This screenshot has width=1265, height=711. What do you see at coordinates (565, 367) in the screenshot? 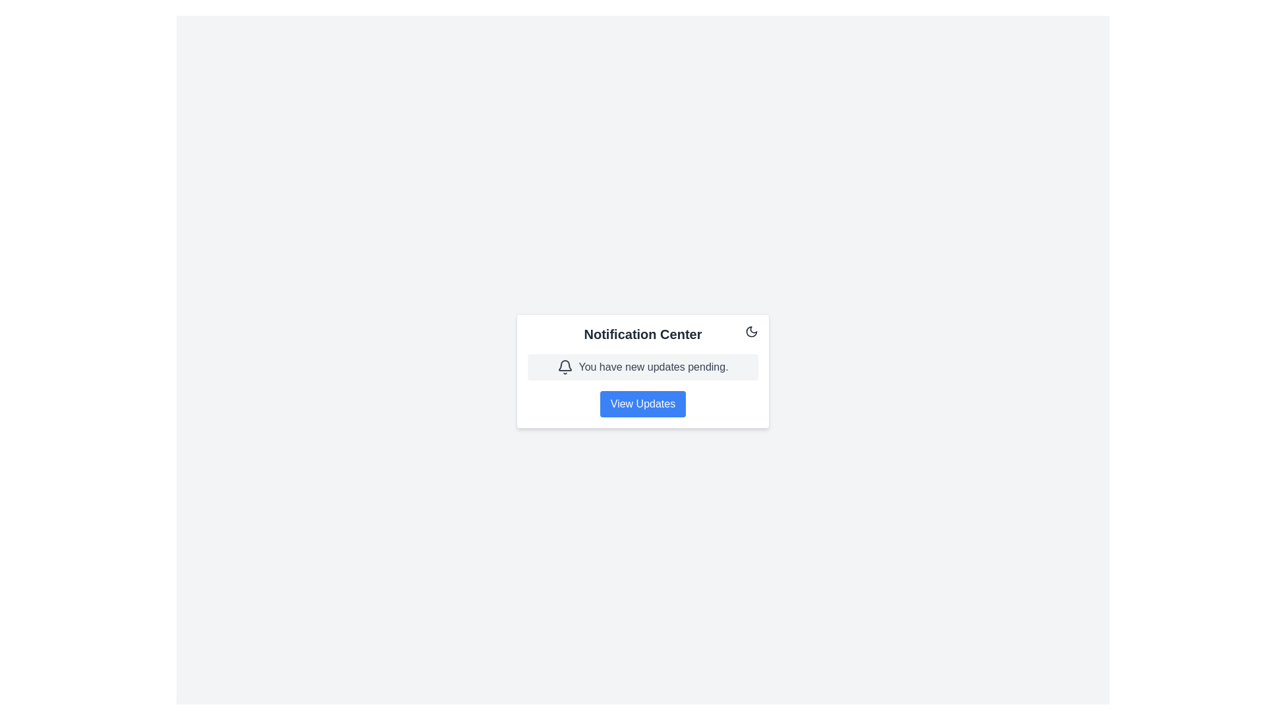
I see `the notification icon located to the left of the text 'You have new updates pending.' in the central region of the interface as a static indicator` at bounding box center [565, 367].